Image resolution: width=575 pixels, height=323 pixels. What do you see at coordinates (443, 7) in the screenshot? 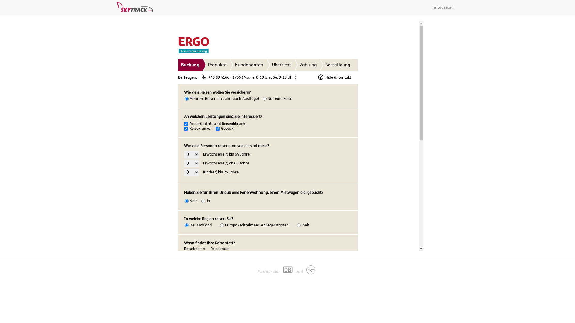
I see `'Impressum'` at bounding box center [443, 7].